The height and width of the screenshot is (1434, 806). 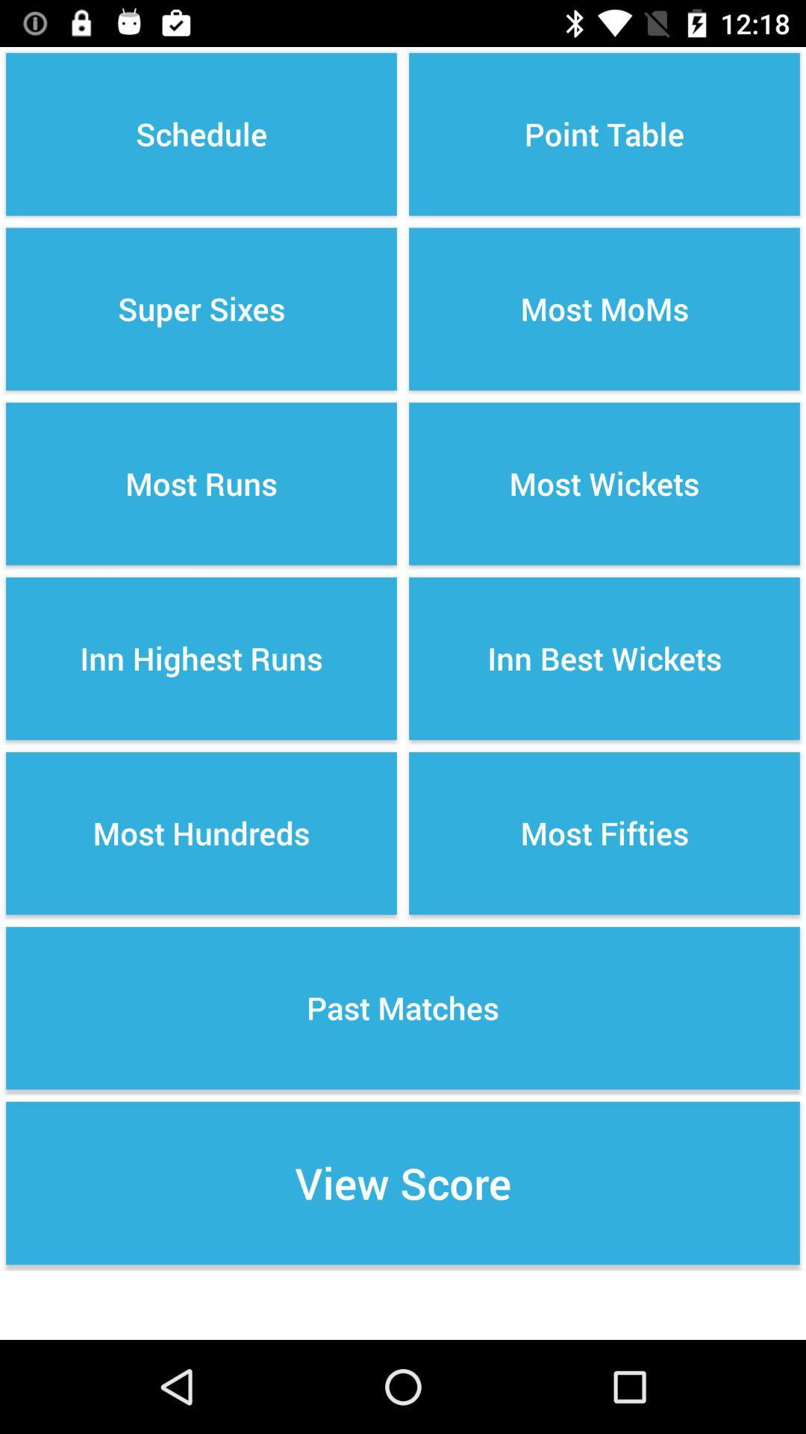 I want to click on icon below super sixes item, so click(x=201, y=484).